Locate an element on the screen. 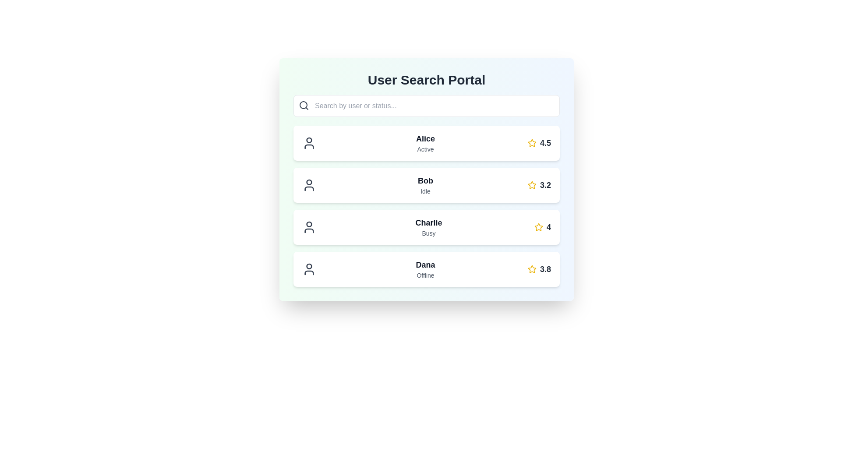 This screenshot has width=841, height=473. the decorative star icon representing the rating for the user 'Bob', which indicates a rating score of '3.2' is located at coordinates (531, 185).